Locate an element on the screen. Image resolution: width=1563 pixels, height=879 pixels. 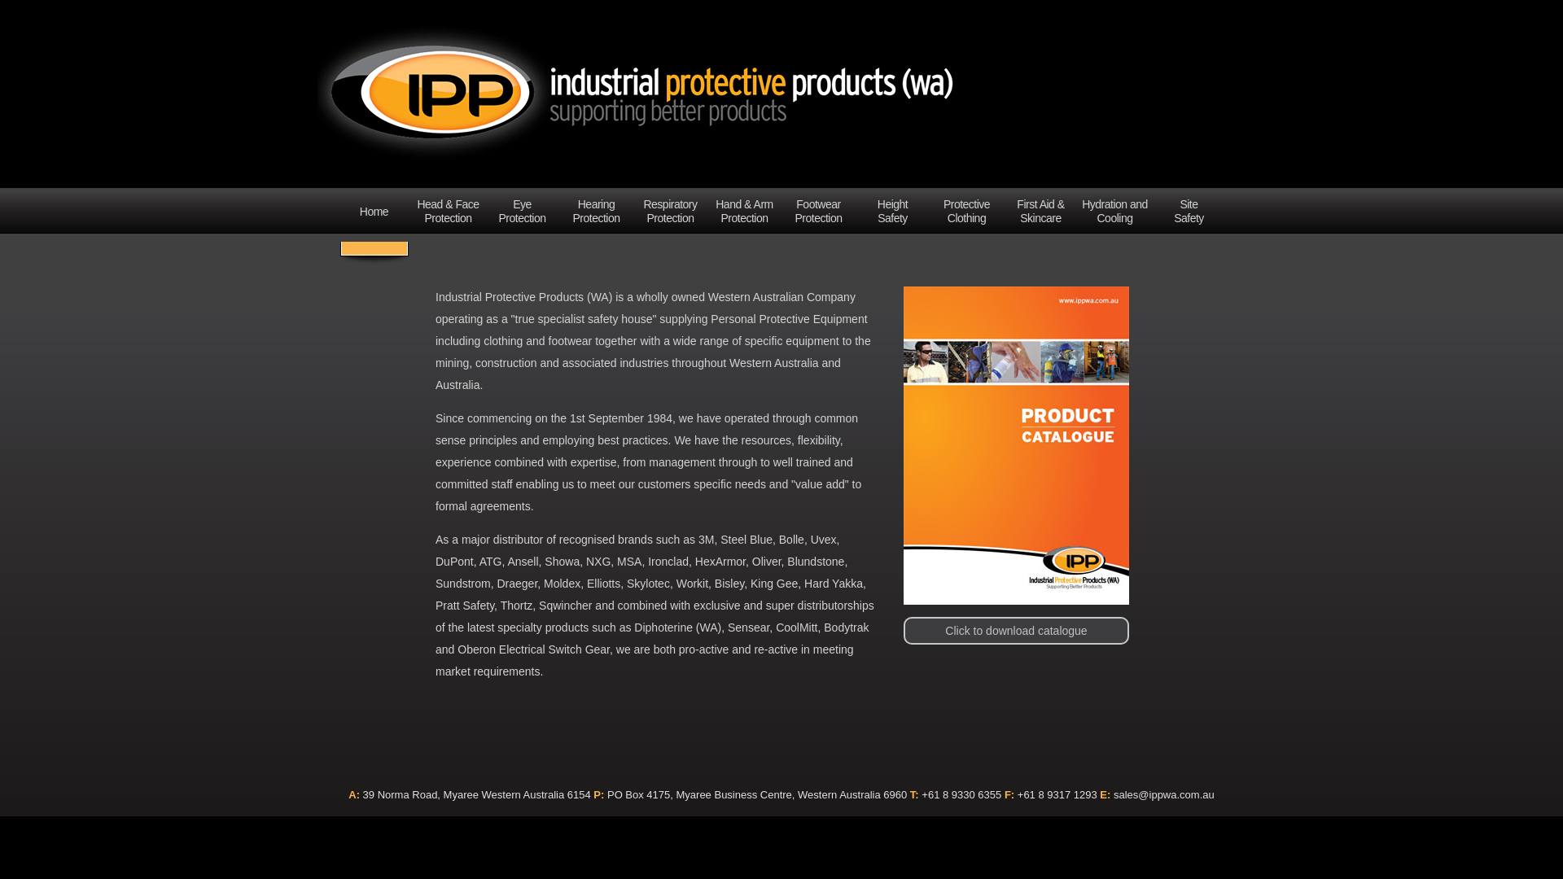
'Respiratory Protection' is located at coordinates (670, 210).